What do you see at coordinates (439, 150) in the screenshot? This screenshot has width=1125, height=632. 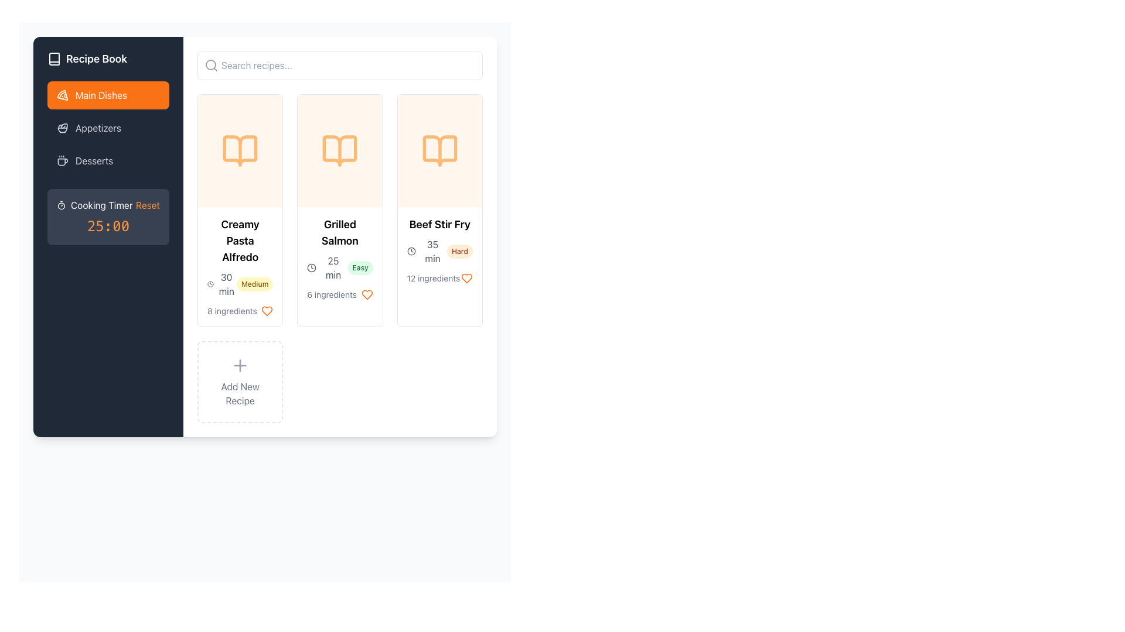 I see `the light orange book icon located in the third recipe card from the left, which features rounded edges and is part of a horizontally arranged list of recipe cards` at bounding box center [439, 150].